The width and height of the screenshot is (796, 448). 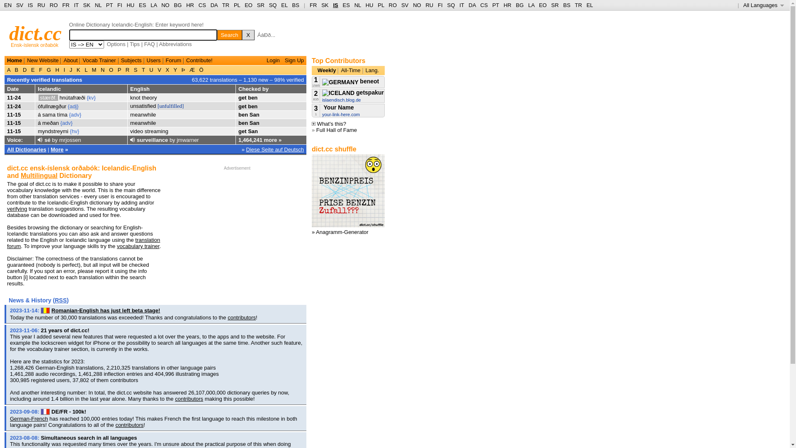 What do you see at coordinates (260, 5) in the screenshot?
I see `'SR'` at bounding box center [260, 5].